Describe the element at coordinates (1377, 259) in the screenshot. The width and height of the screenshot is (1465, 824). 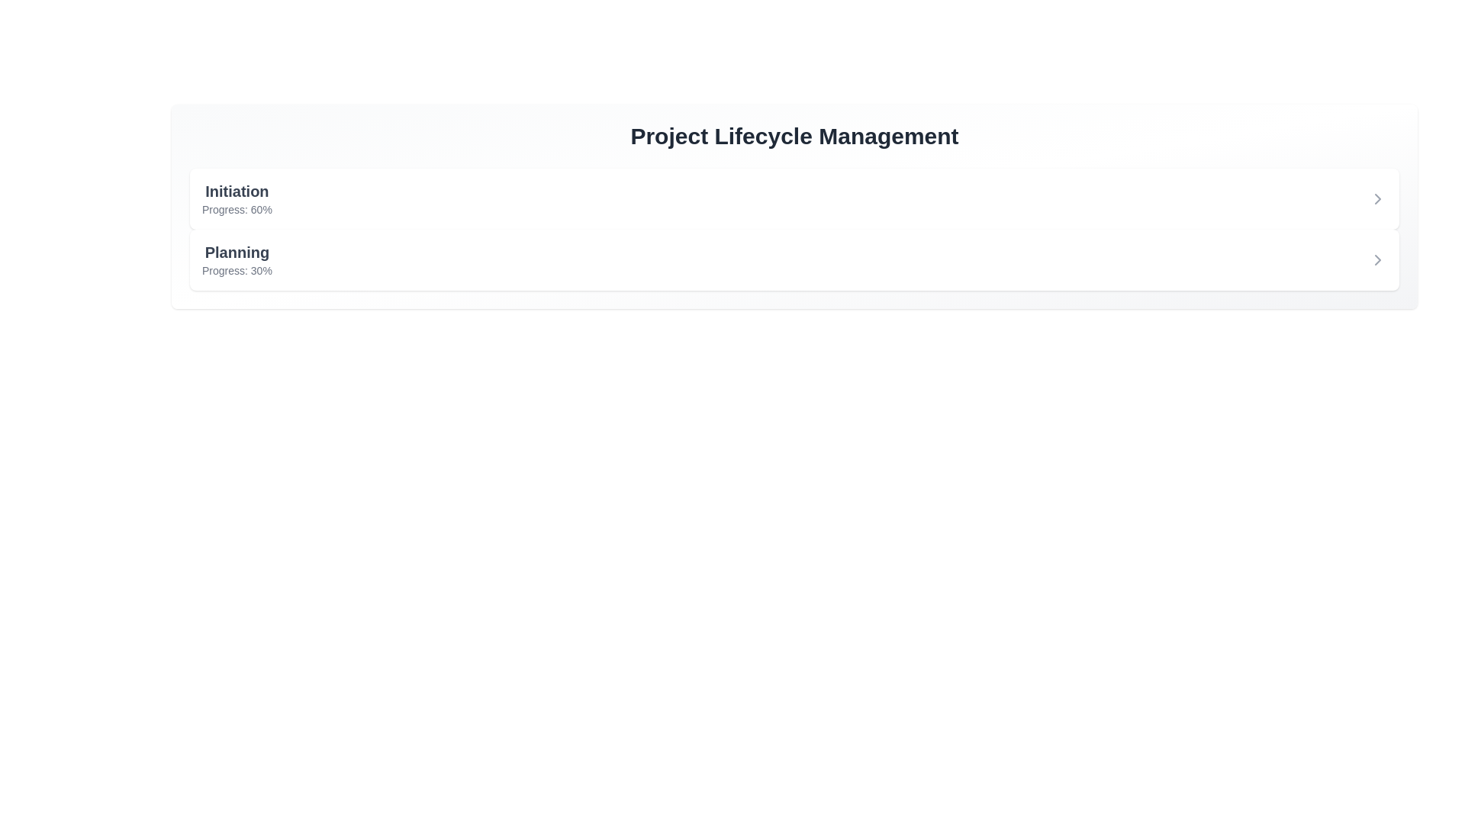
I see `the right-pointing chevron icon, which is a minimalistic arrow used for navigation in the 'Planning' section, to trigger a visual state change` at that location.